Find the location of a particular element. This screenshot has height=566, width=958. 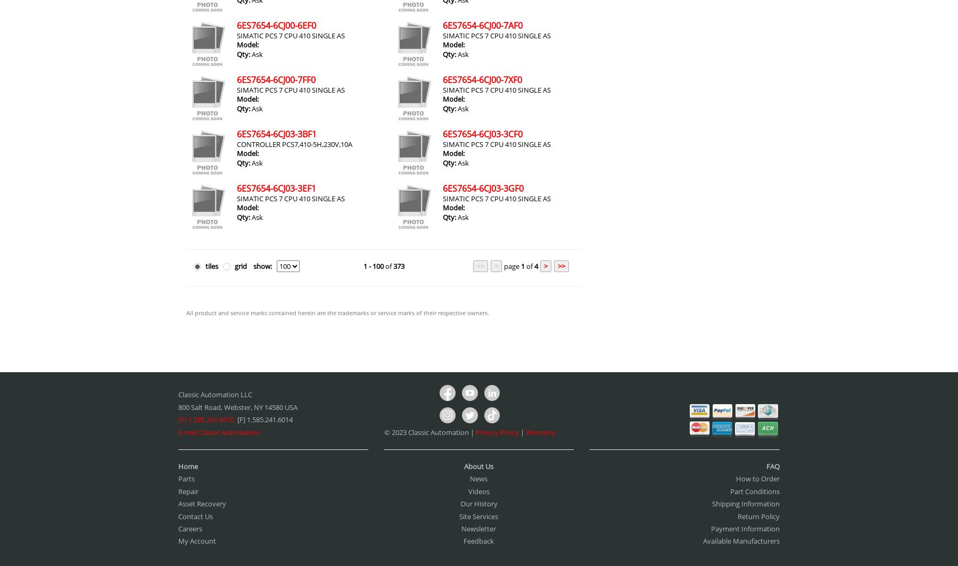

'All product and service marks contained herein are the trademarks or service marks of their respective owners.' is located at coordinates (186, 312).